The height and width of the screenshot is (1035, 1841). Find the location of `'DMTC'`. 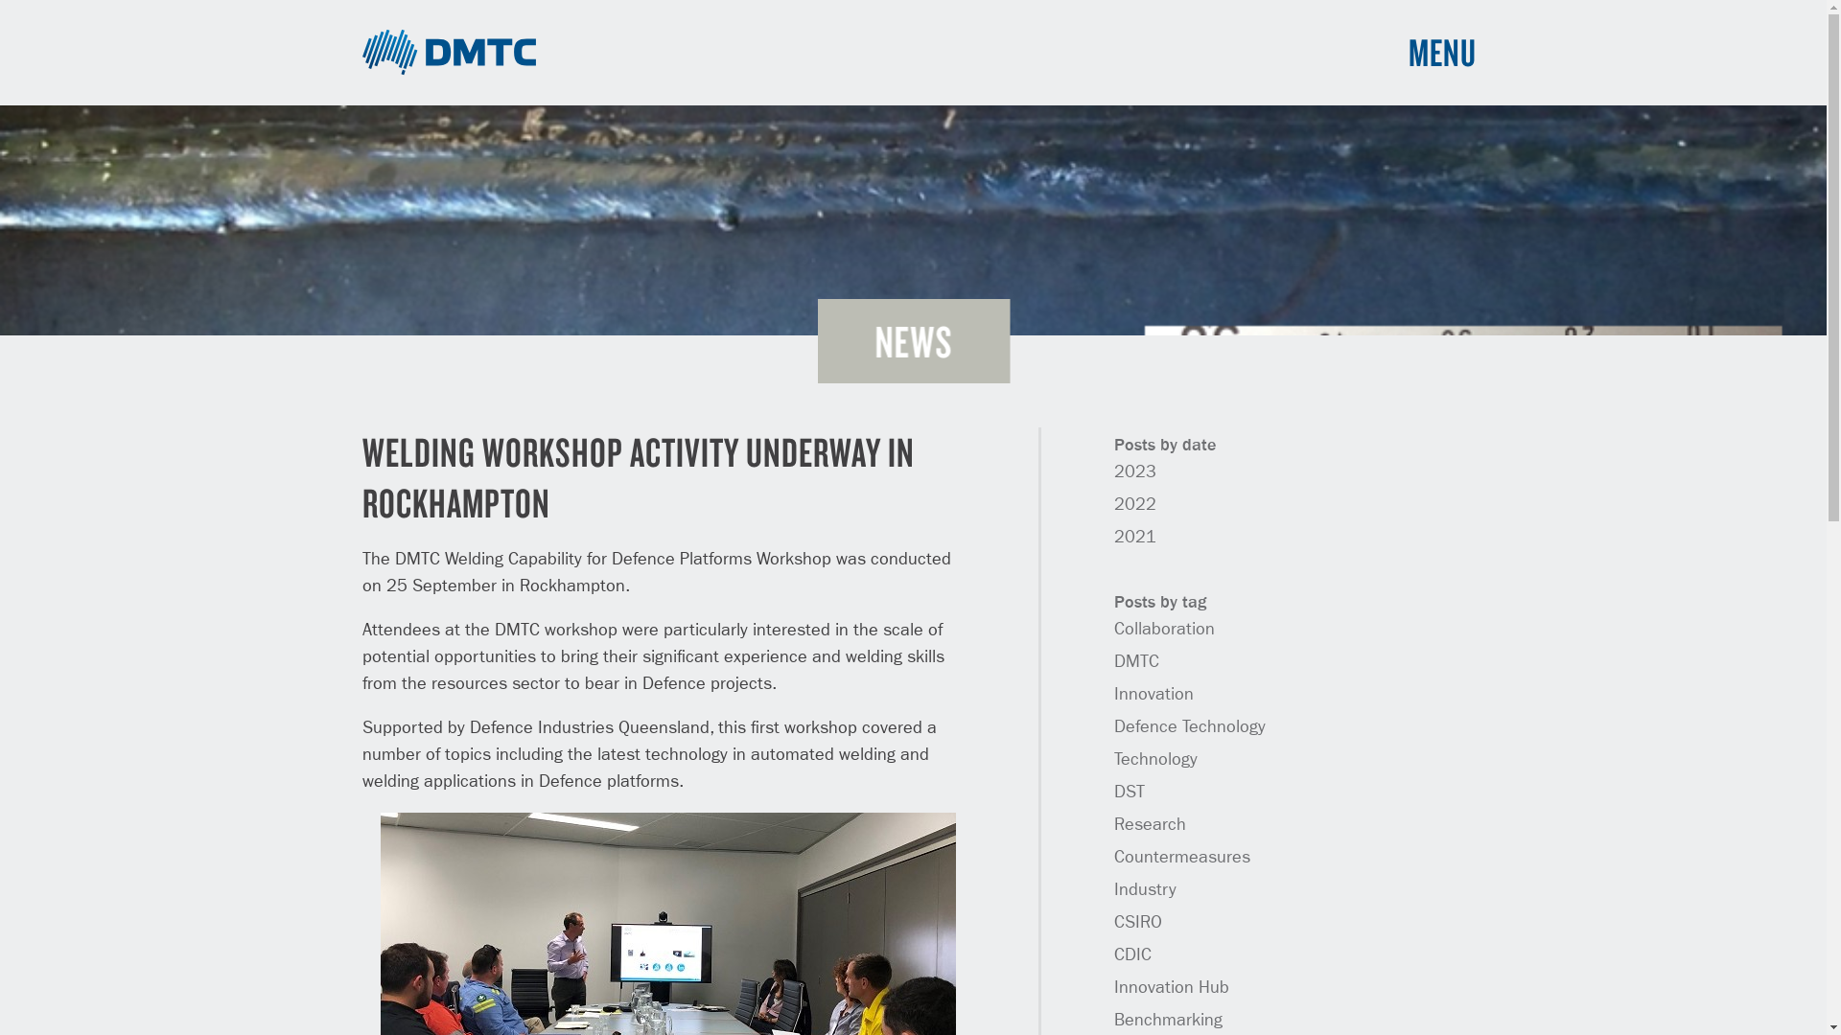

'DMTC' is located at coordinates (449, 51).